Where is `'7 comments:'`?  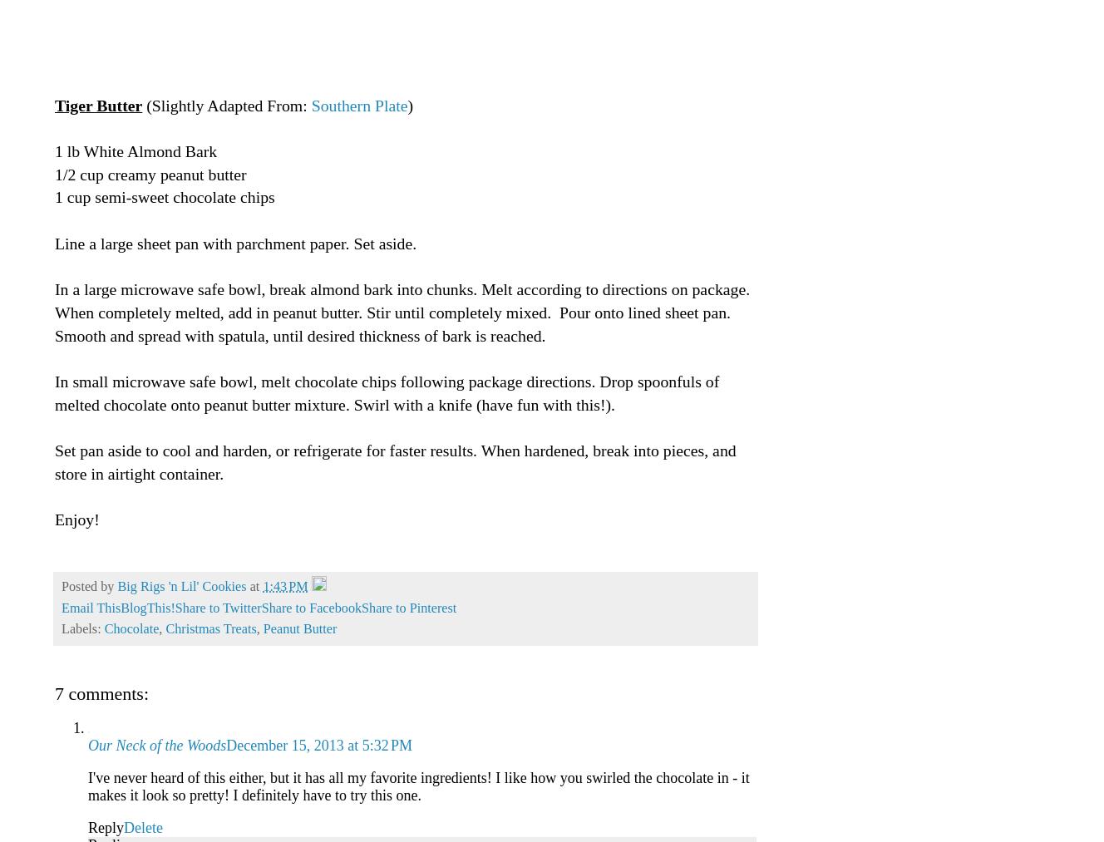
'7 comments:' is located at coordinates (101, 692).